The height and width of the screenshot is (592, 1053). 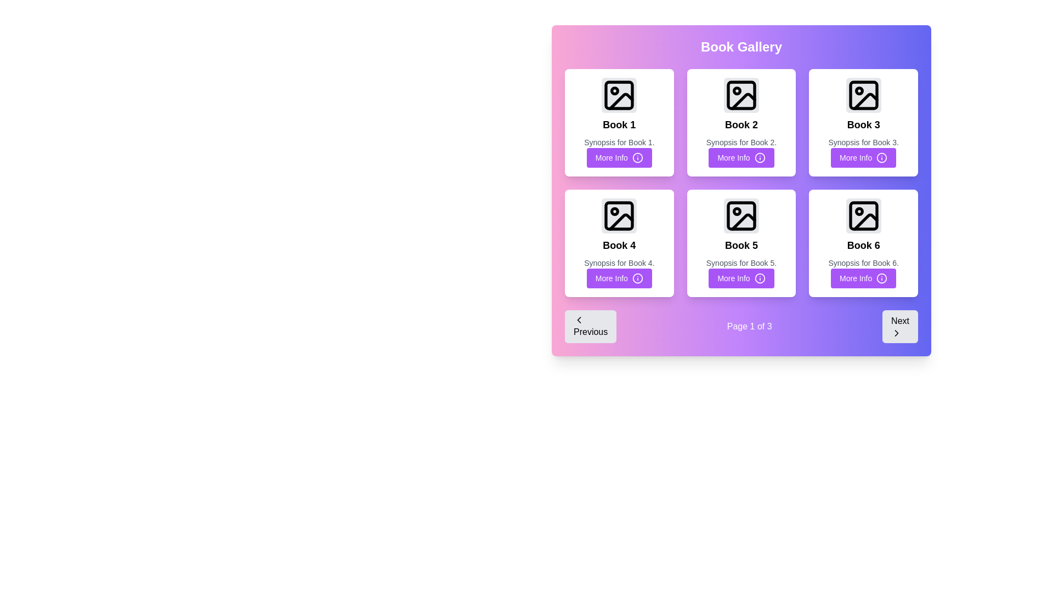 I want to click on the decorative graphic within the 'Book 2' icon, which is a triangular pattern enclosed in a rounded square icon in the second row of the grid layout, so click(x=743, y=101).